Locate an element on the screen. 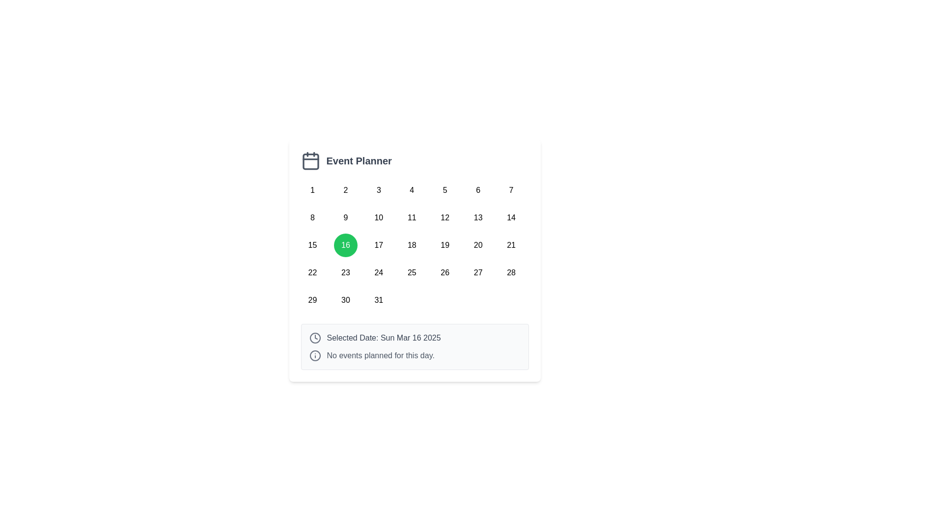 The width and height of the screenshot is (943, 530). the calendar day button for the date '14', which is the seventh day in the second row of the calendar grid is located at coordinates (511, 217).